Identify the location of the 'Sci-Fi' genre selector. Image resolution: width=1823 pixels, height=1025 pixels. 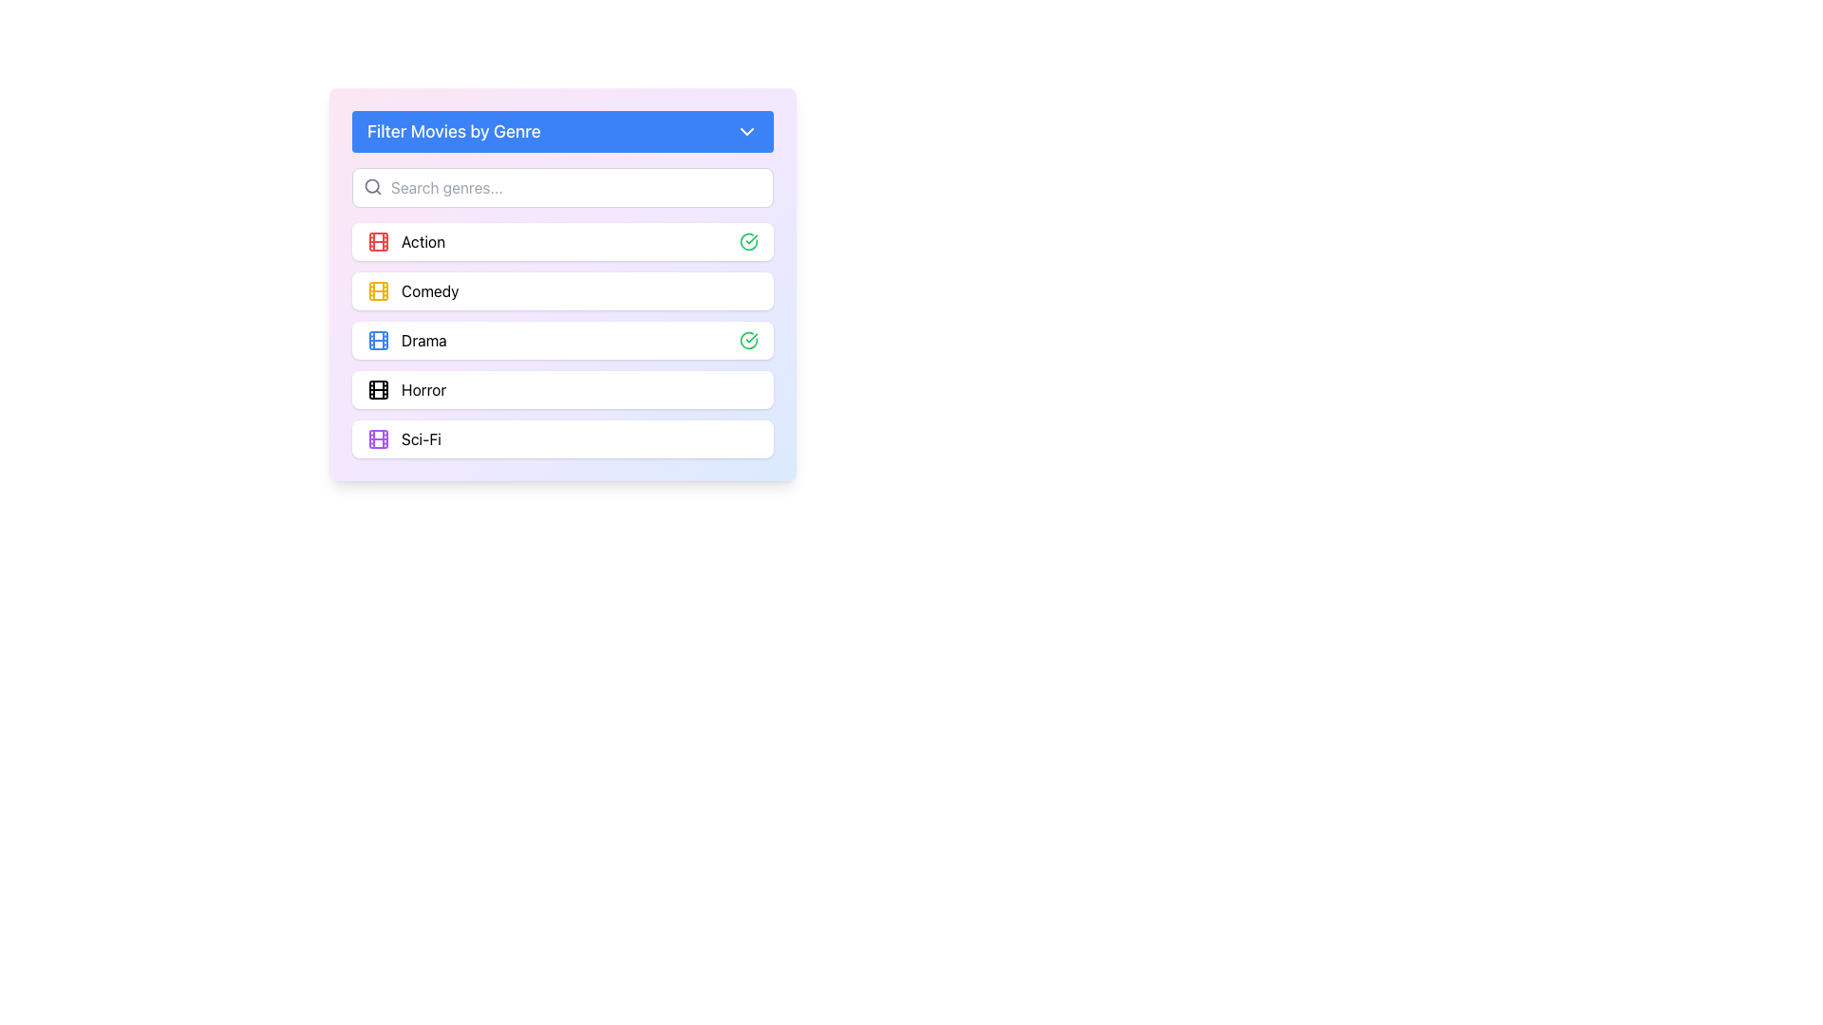
(403, 438).